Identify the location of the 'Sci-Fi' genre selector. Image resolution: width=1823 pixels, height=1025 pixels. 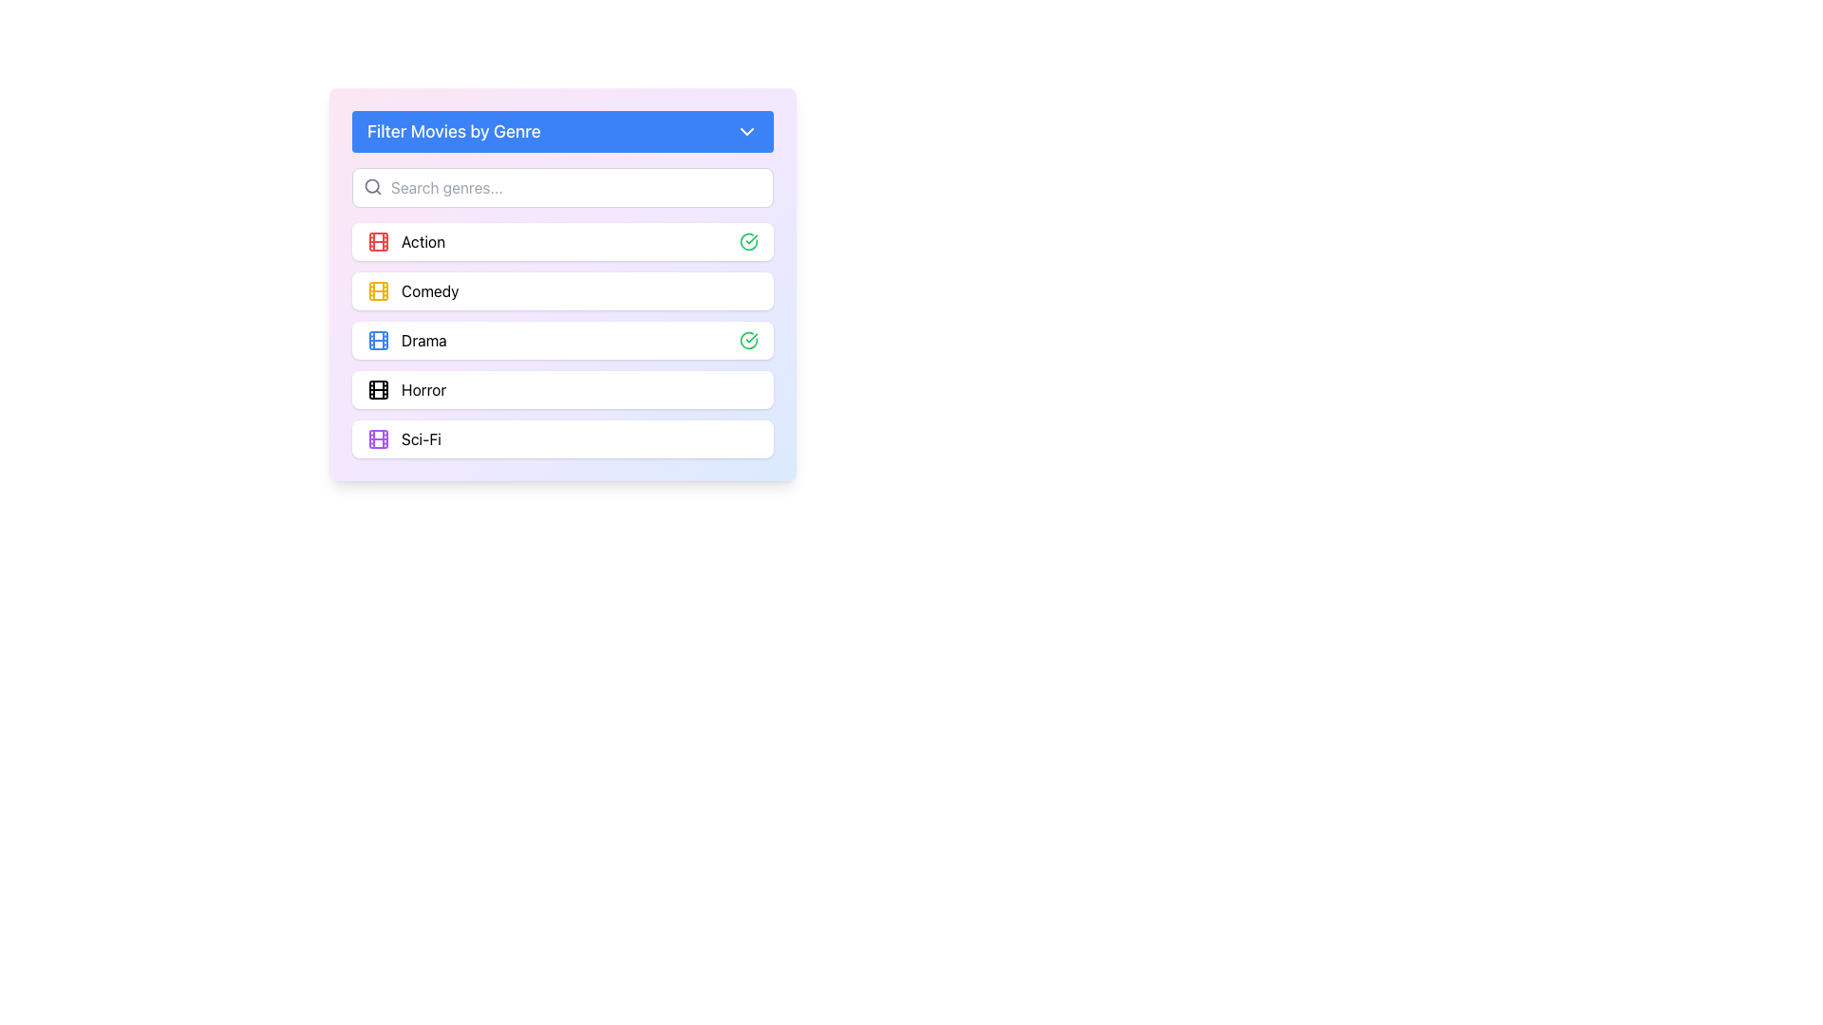
(403, 438).